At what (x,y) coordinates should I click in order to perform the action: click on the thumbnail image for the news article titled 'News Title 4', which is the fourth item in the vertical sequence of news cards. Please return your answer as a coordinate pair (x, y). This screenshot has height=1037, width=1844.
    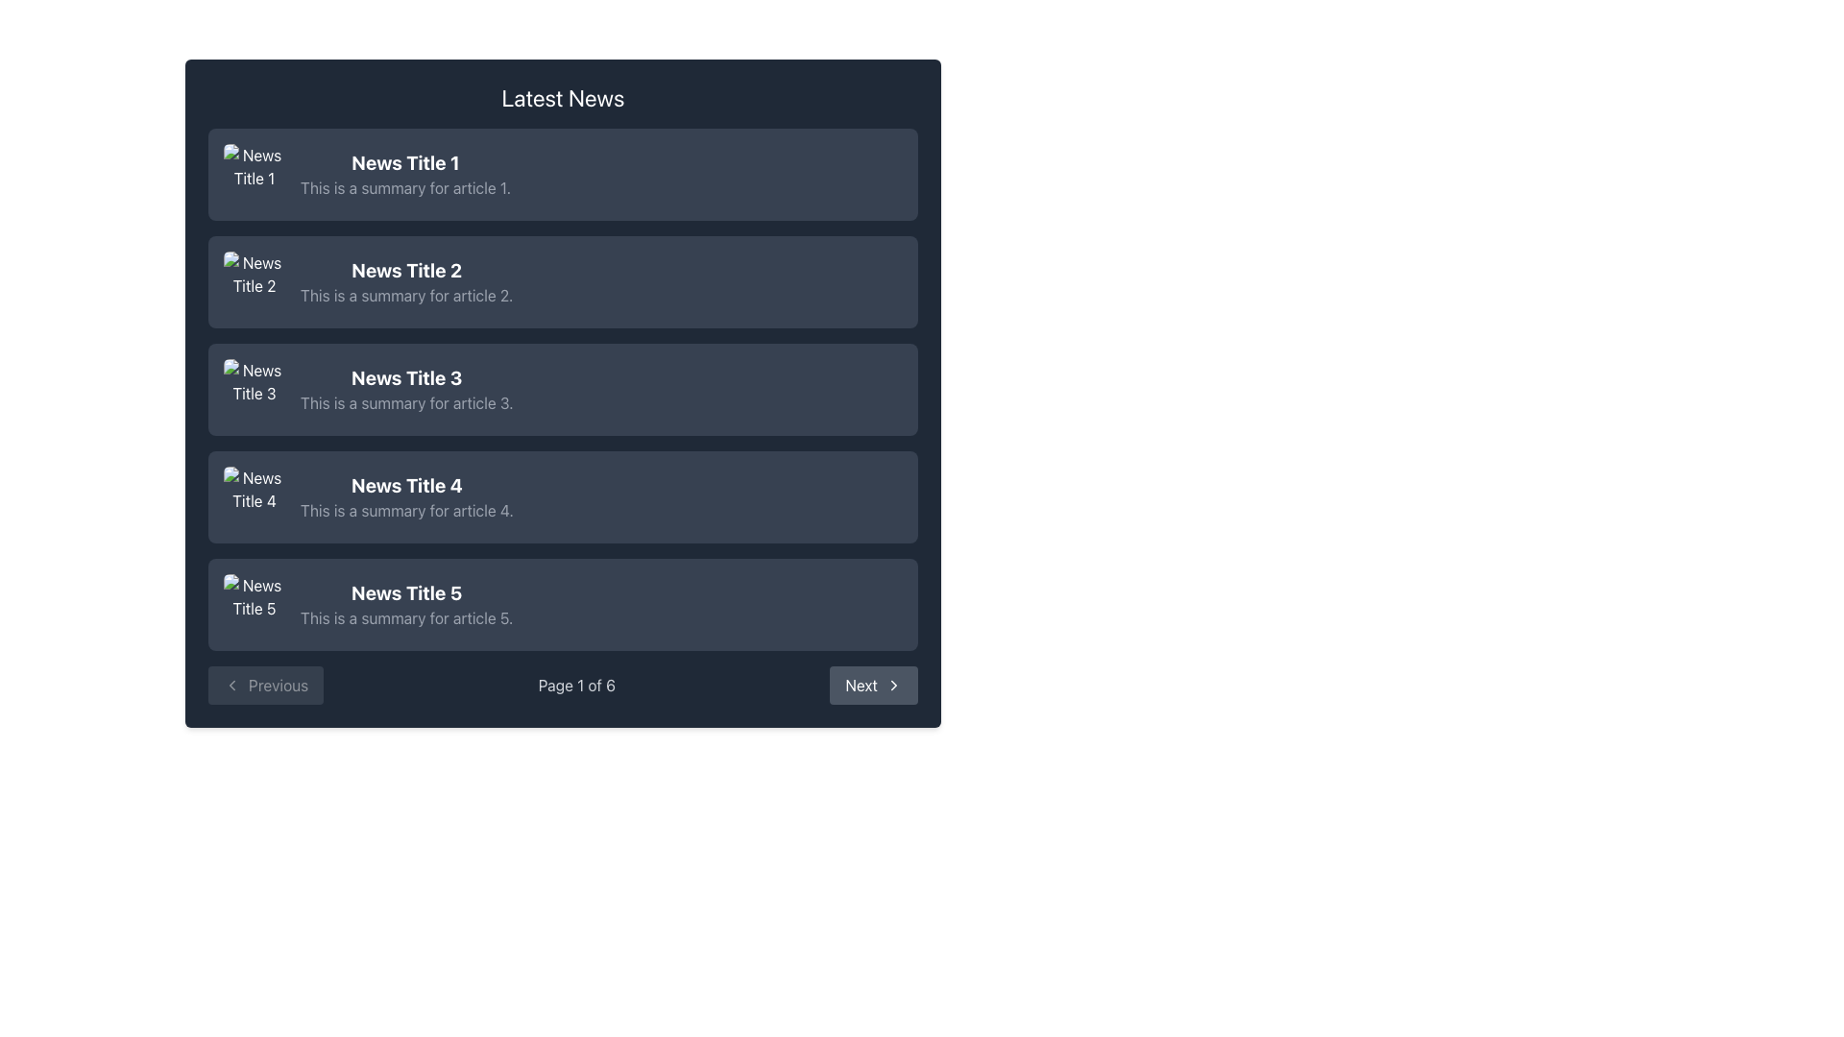
    Looking at the image, I should click on (253, 495).